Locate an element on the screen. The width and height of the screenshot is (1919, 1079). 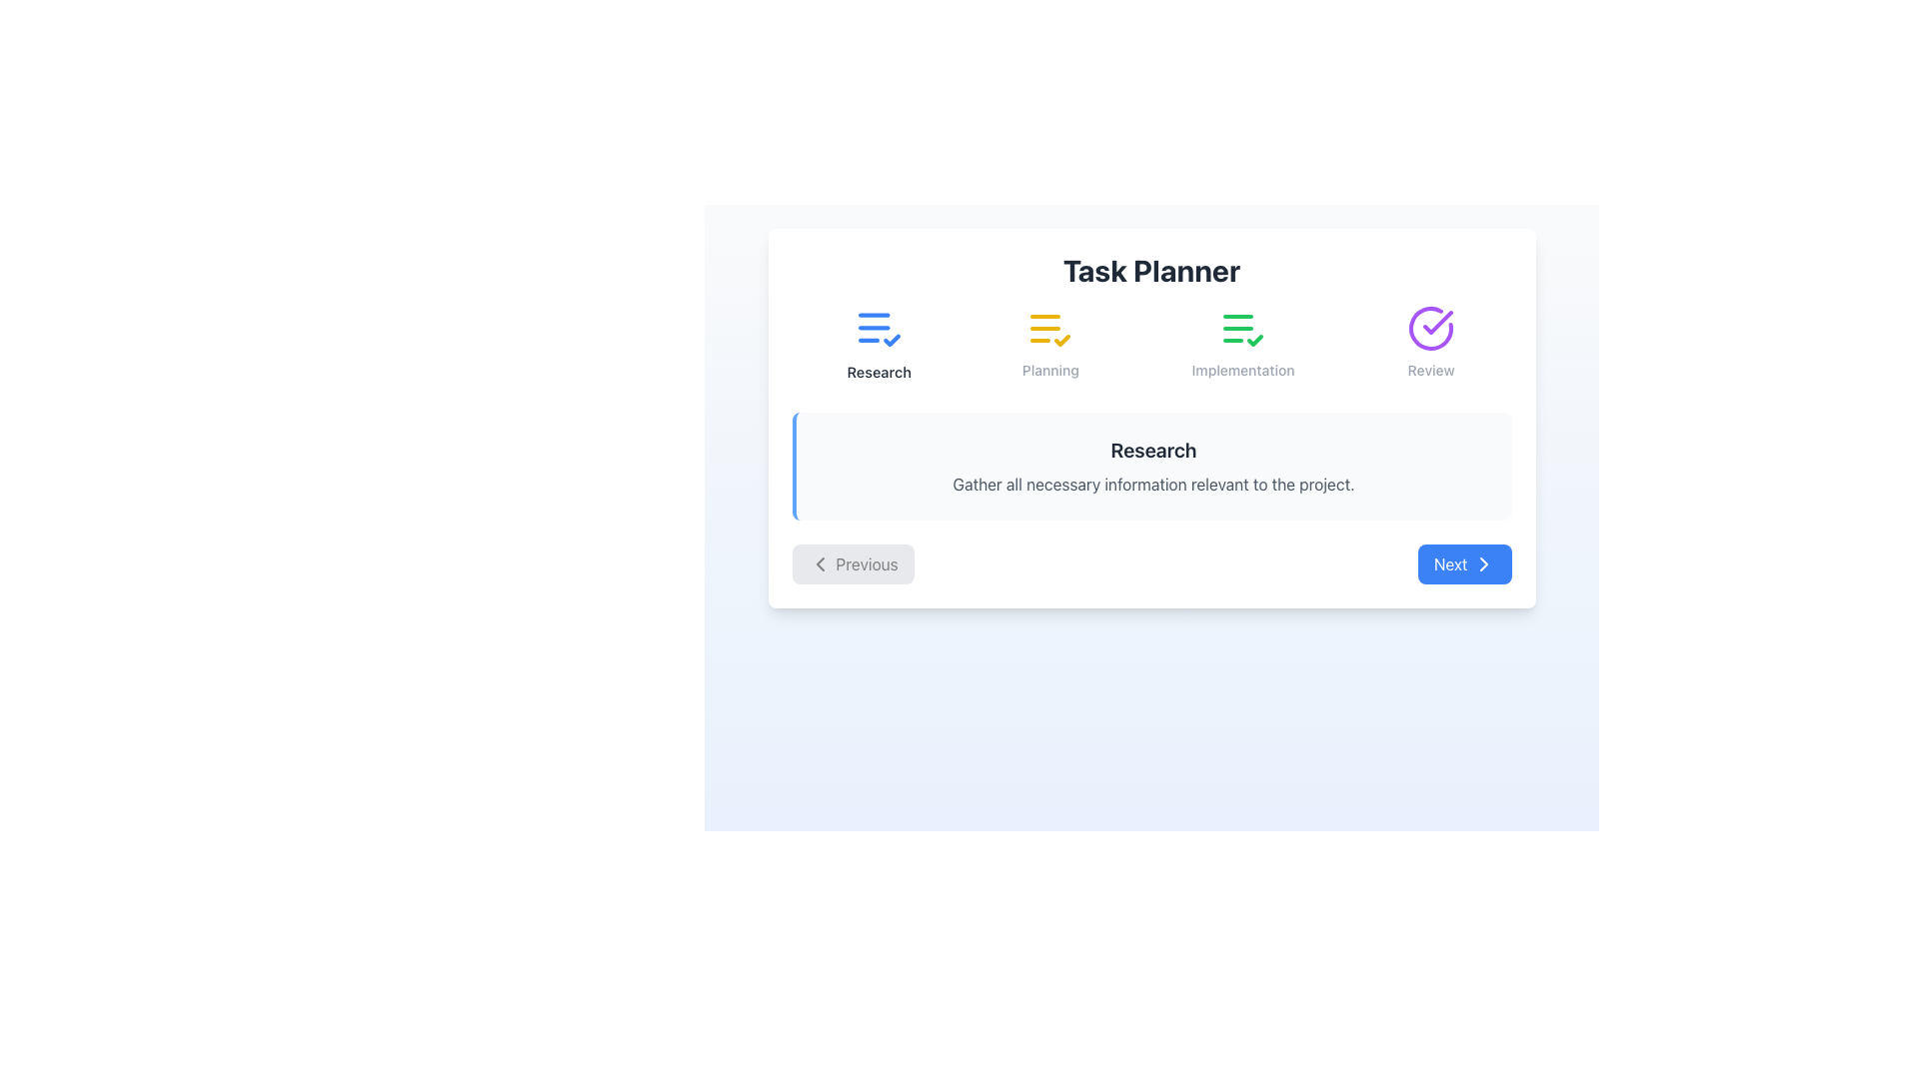
the 'chevron right' SVG icon located in the lower-right corner of the interface, adjacent to the 'Next' button, which serves as a visual indicator for forward movement is located at coordinates (1483, 563).